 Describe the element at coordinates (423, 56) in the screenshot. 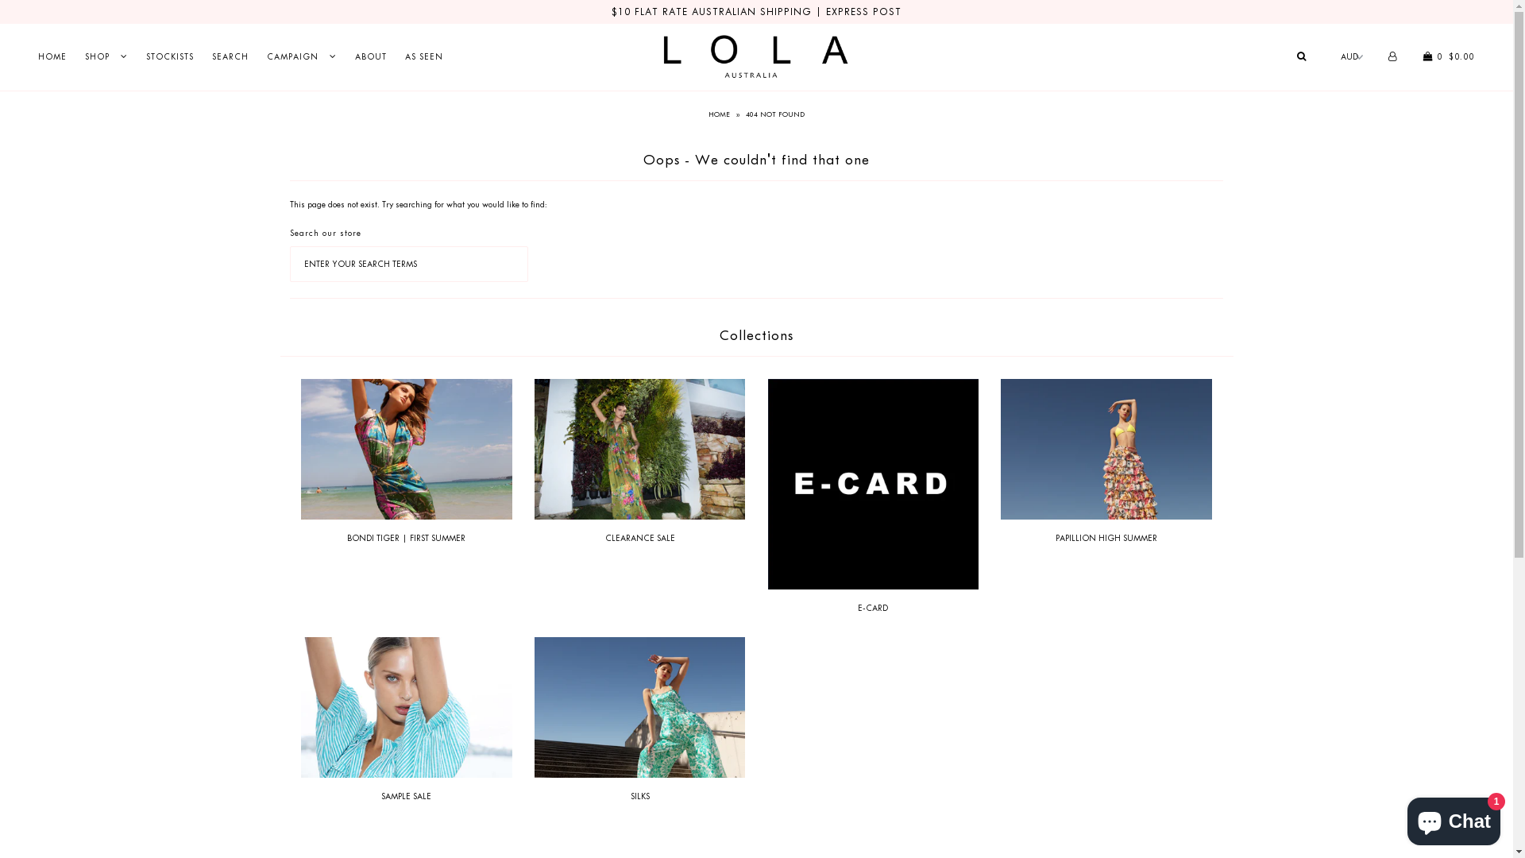

I see `'AS SEEN'` at that location.